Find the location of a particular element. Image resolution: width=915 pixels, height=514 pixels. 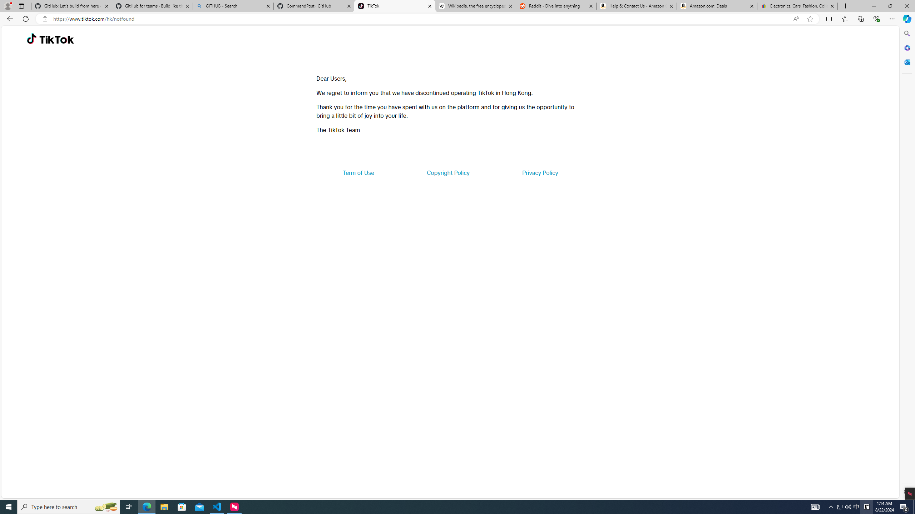

'Amazon.com: Deals' is located at coordinates (717, 6).